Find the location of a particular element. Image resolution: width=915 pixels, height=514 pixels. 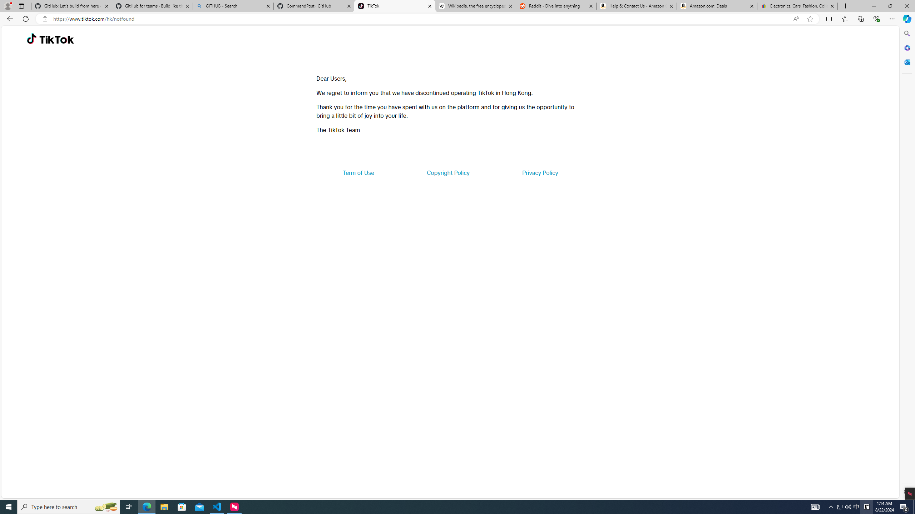

'Amazon.com: Deals' is located at coordinates (717, 6).